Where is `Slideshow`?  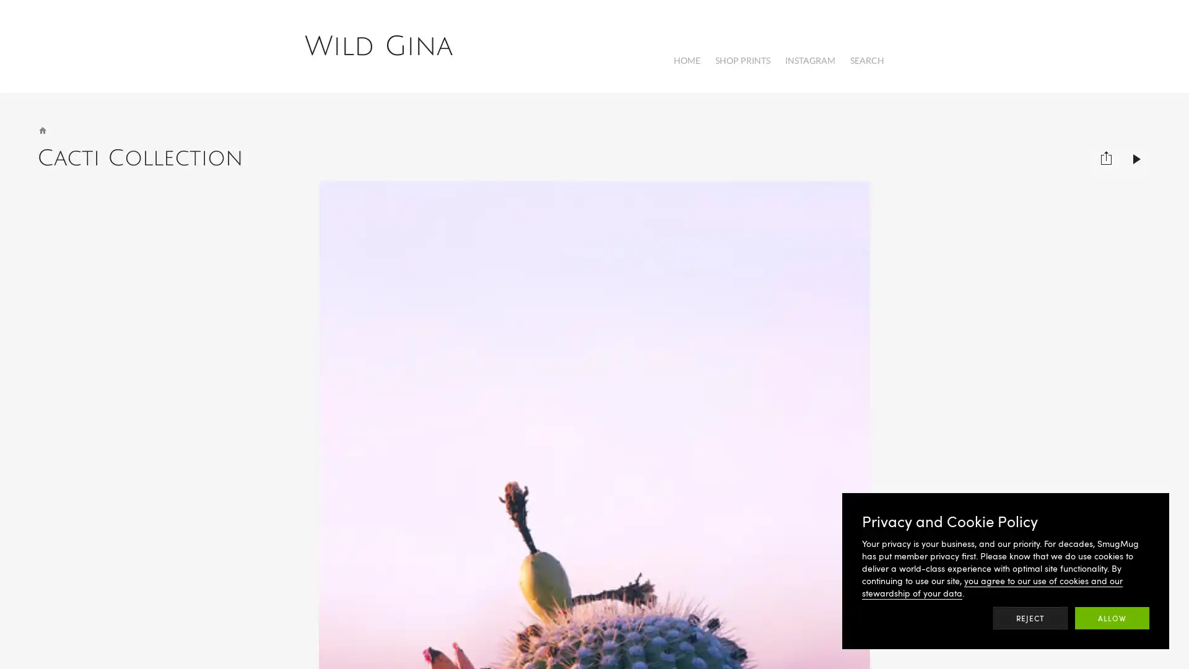 Slideshow is located at coordinates (1137, 151).